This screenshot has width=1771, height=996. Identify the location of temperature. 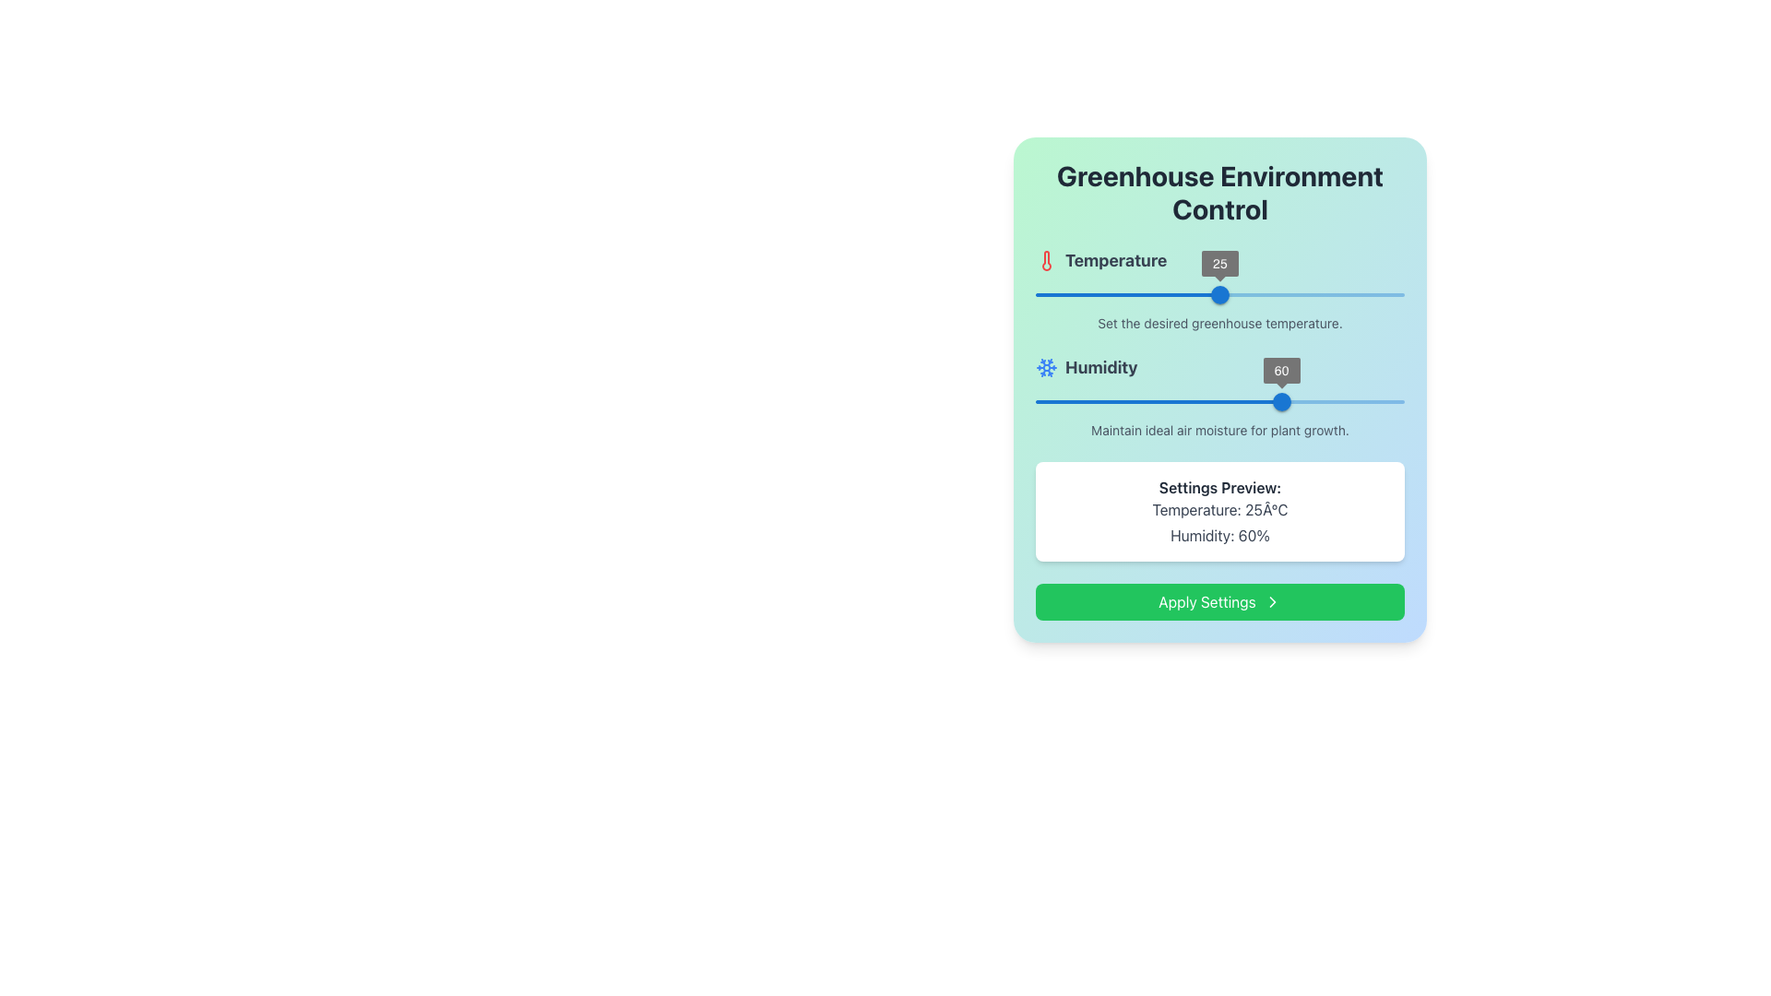
(1075, 294).